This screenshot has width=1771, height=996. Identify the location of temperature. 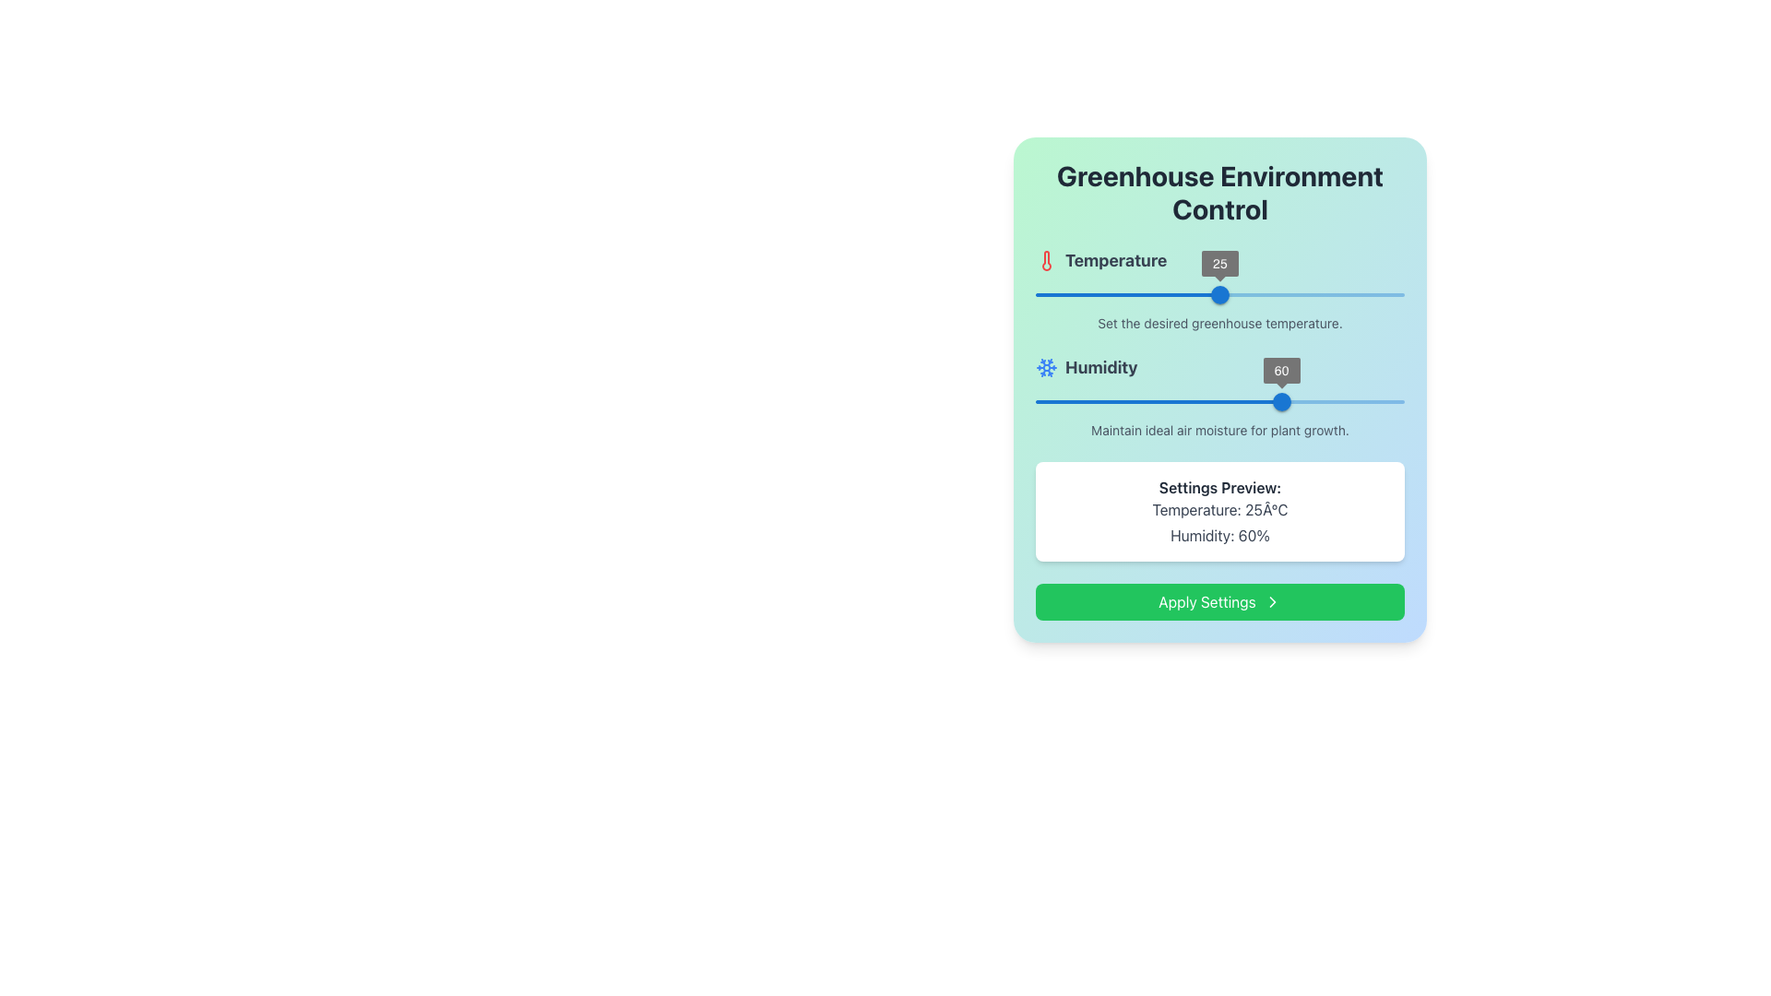
(1075, 294).